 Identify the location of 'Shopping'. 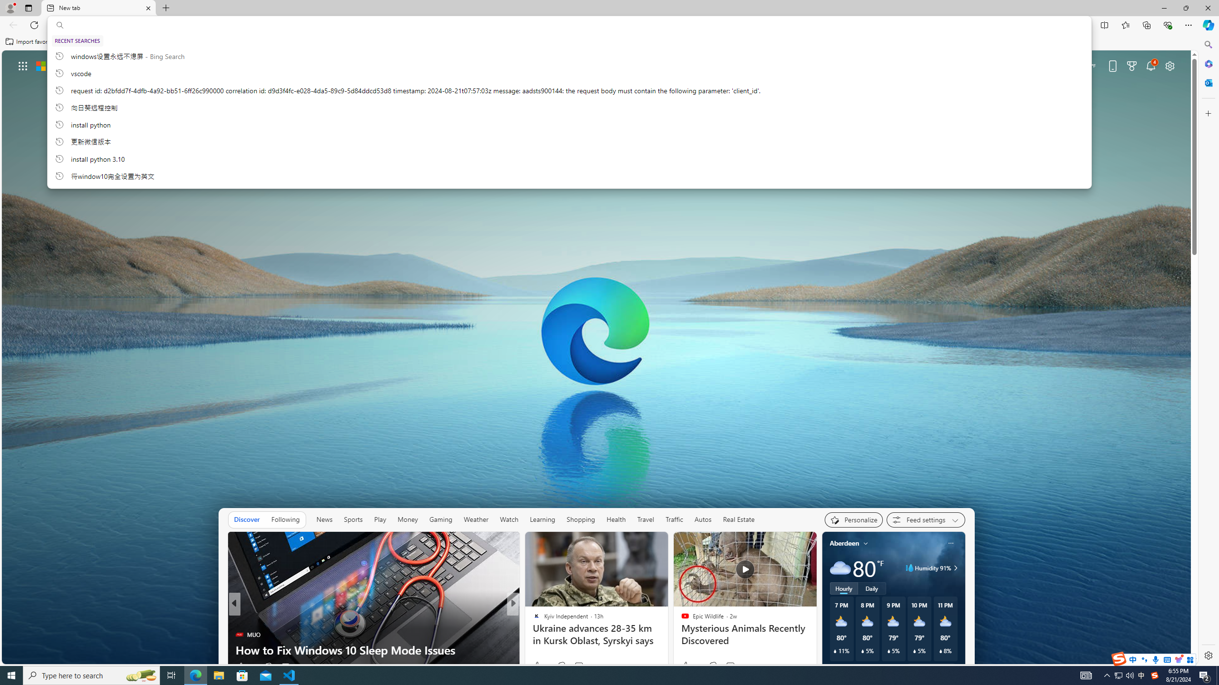
(580, 519).